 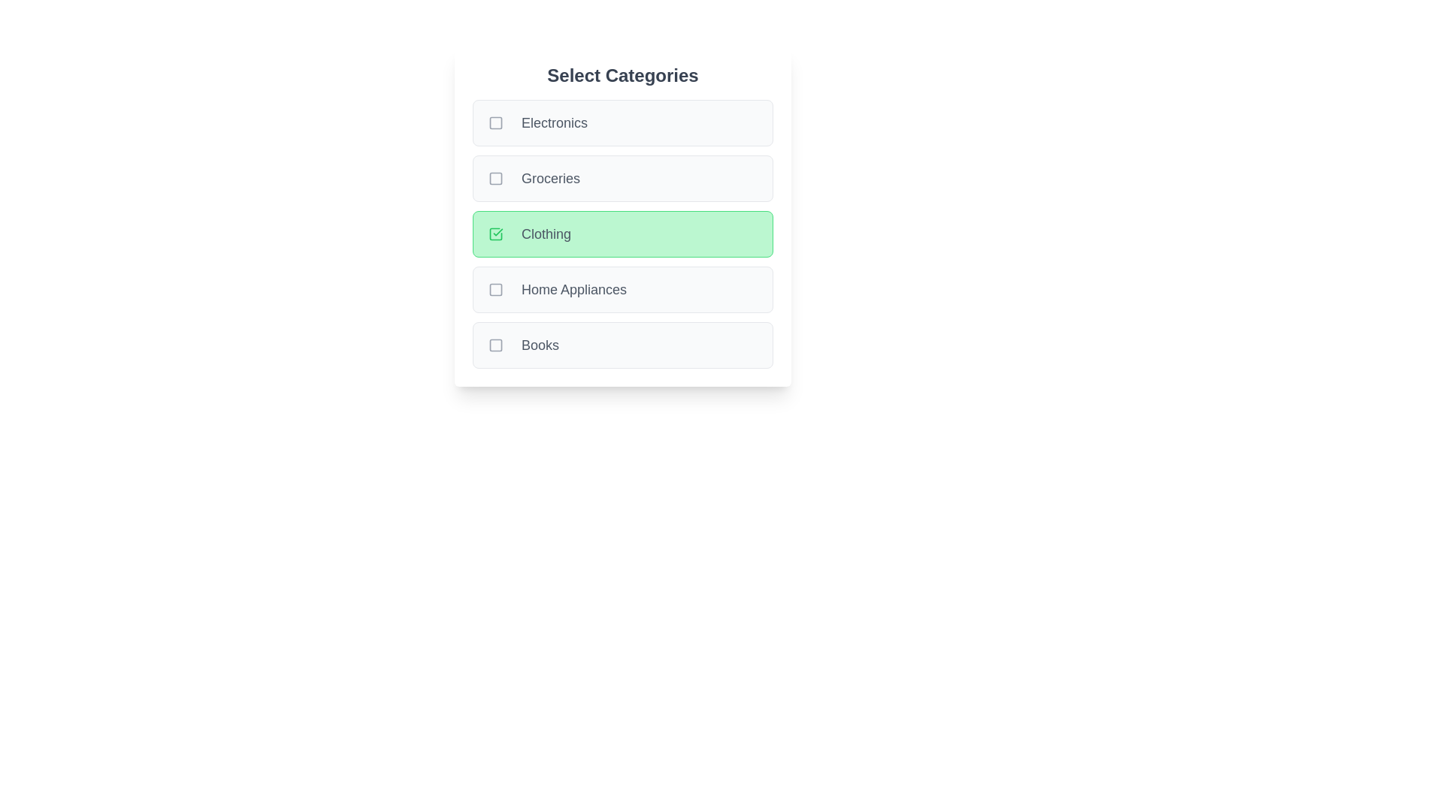 I want to click on the category Books to trigger the hover effect, so click(x=623, y=345).